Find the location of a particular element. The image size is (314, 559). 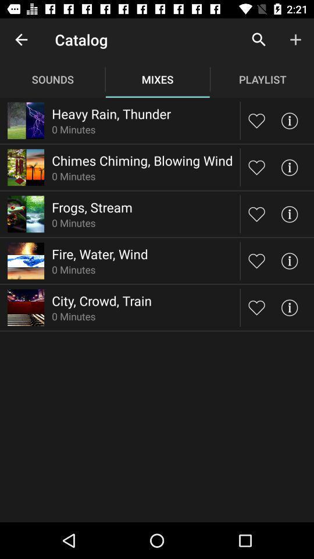

info for chimes chiming blowing wind is located at coordinates (288, 167).